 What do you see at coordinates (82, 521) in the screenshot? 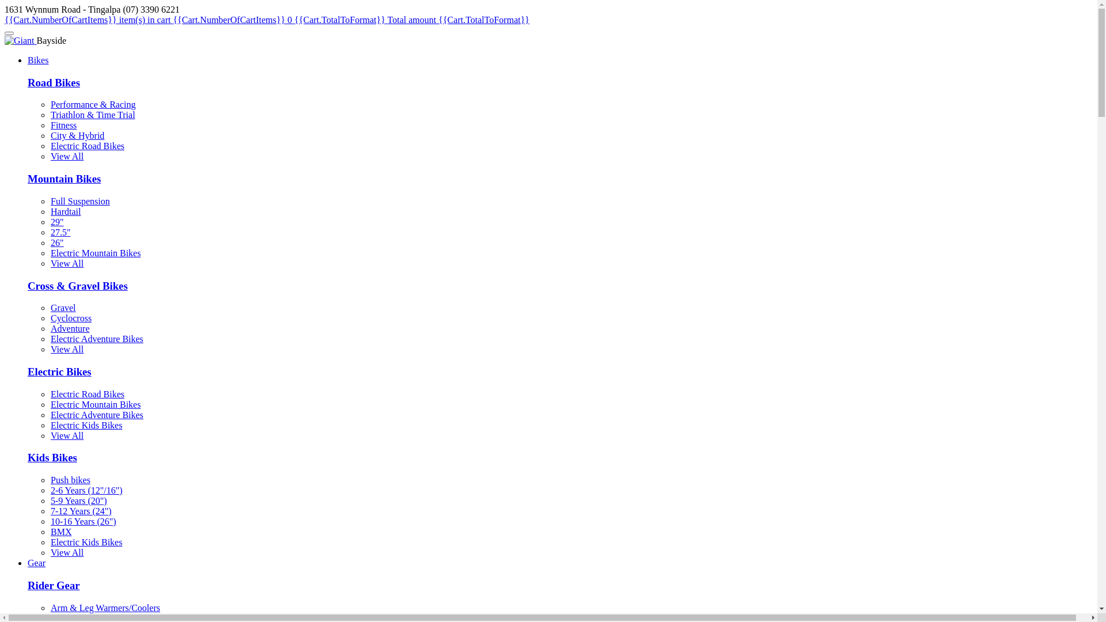
I see `'10-16 Years (26")'` at bounding box center [82, 521].